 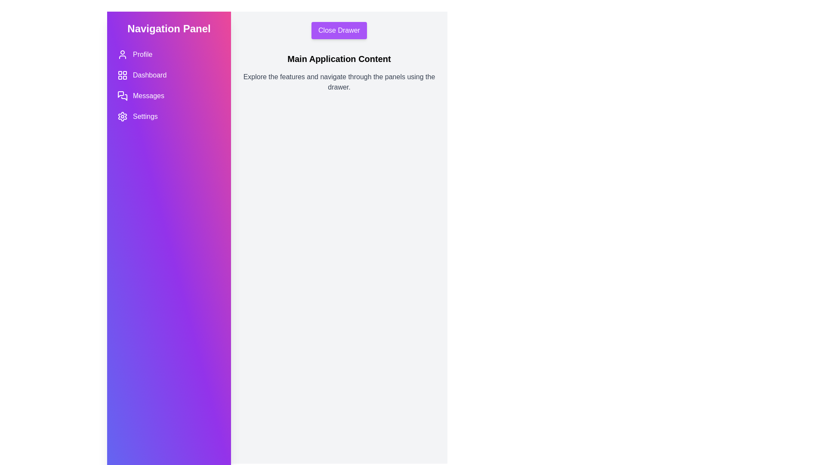 What do you see at coordinates (169, 55) in the screenshot?
I see `the navigation button for Profile to navigate to the corresponding section` at bounding box center [169, 55].